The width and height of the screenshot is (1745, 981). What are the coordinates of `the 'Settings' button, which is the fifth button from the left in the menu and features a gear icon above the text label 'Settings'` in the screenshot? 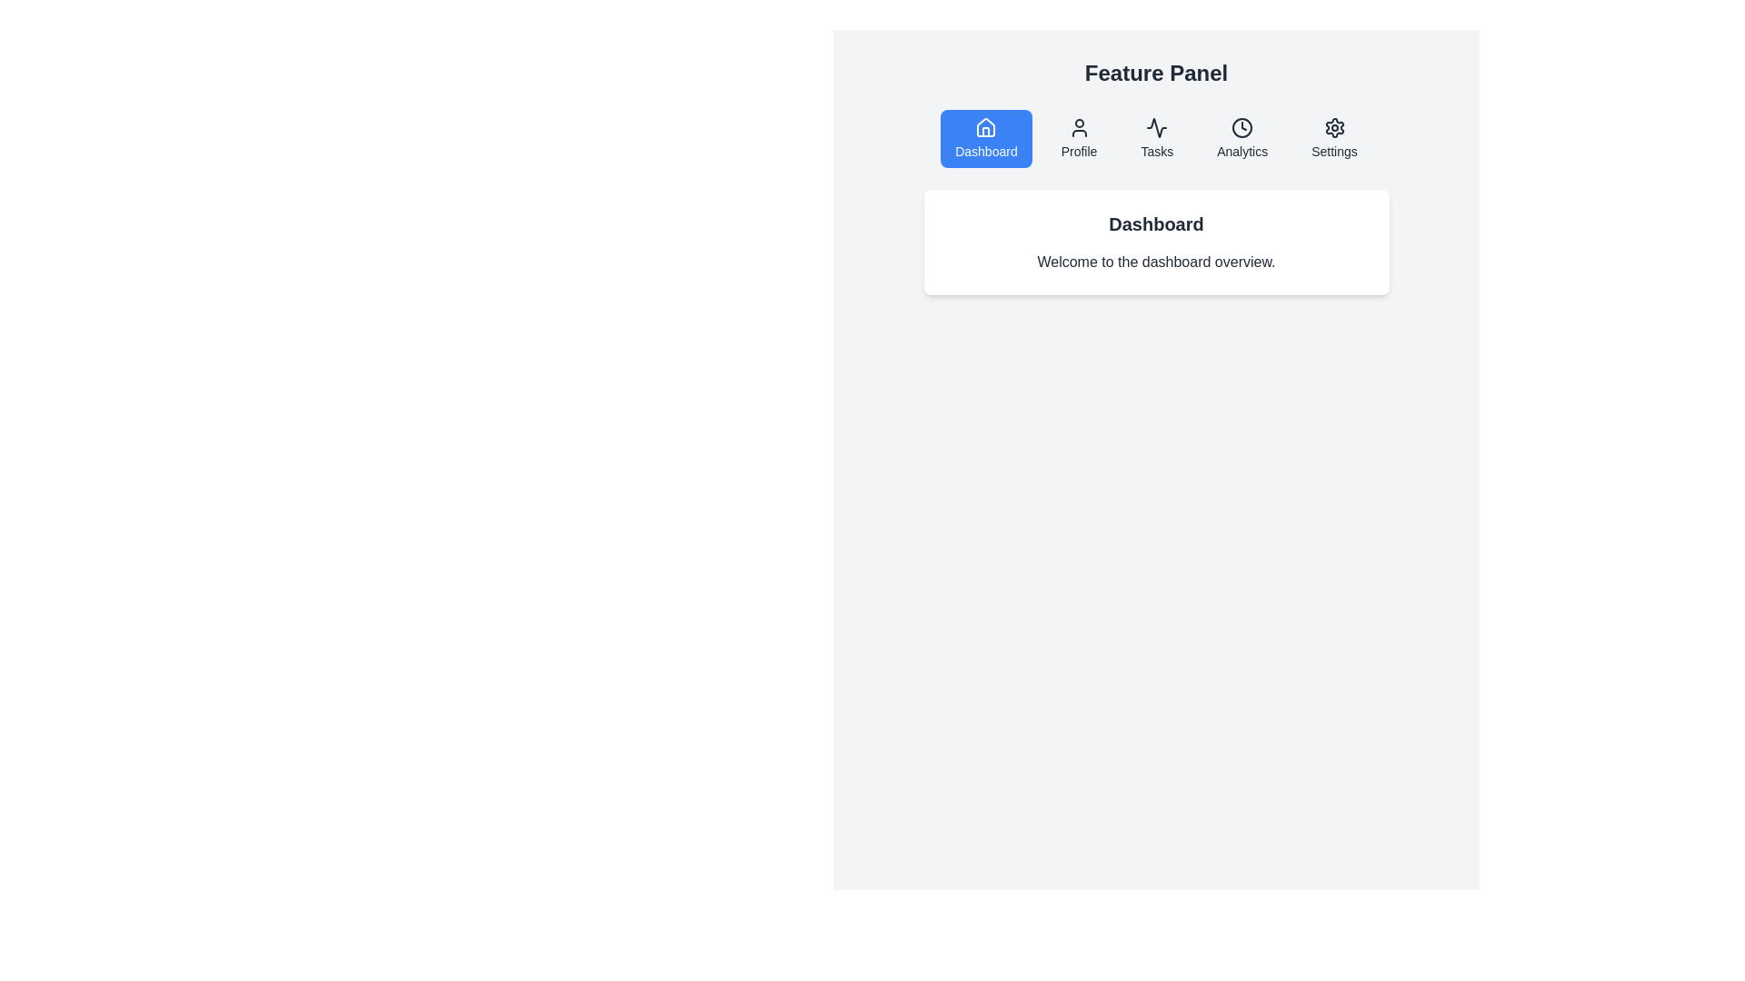 It's located at (1334, 138).